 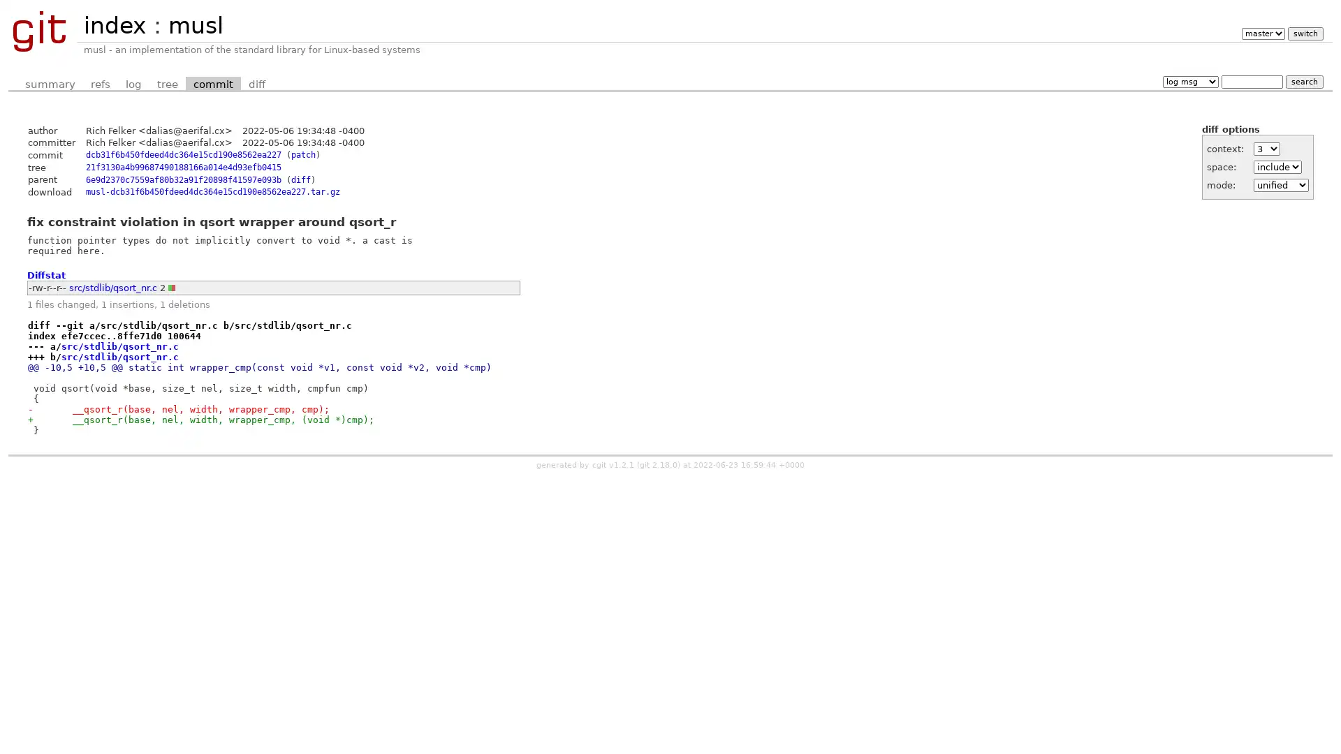 I want to click on switch, so click(x=1304, y=33).